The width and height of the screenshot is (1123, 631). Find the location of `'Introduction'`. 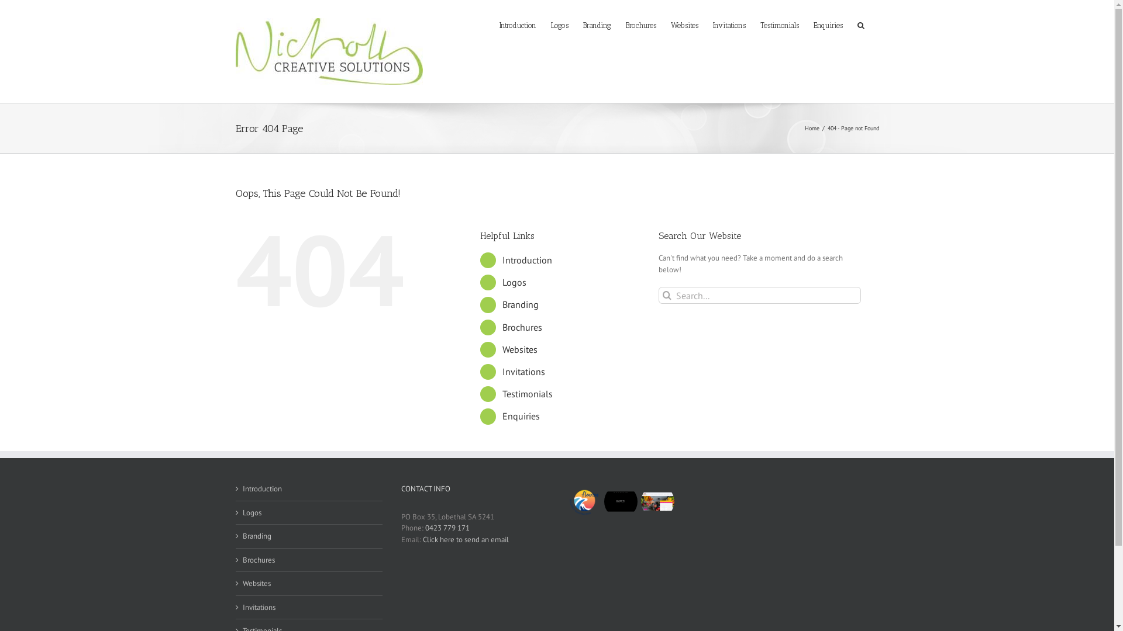

'Introduction' is located at coordinates (309, 489).